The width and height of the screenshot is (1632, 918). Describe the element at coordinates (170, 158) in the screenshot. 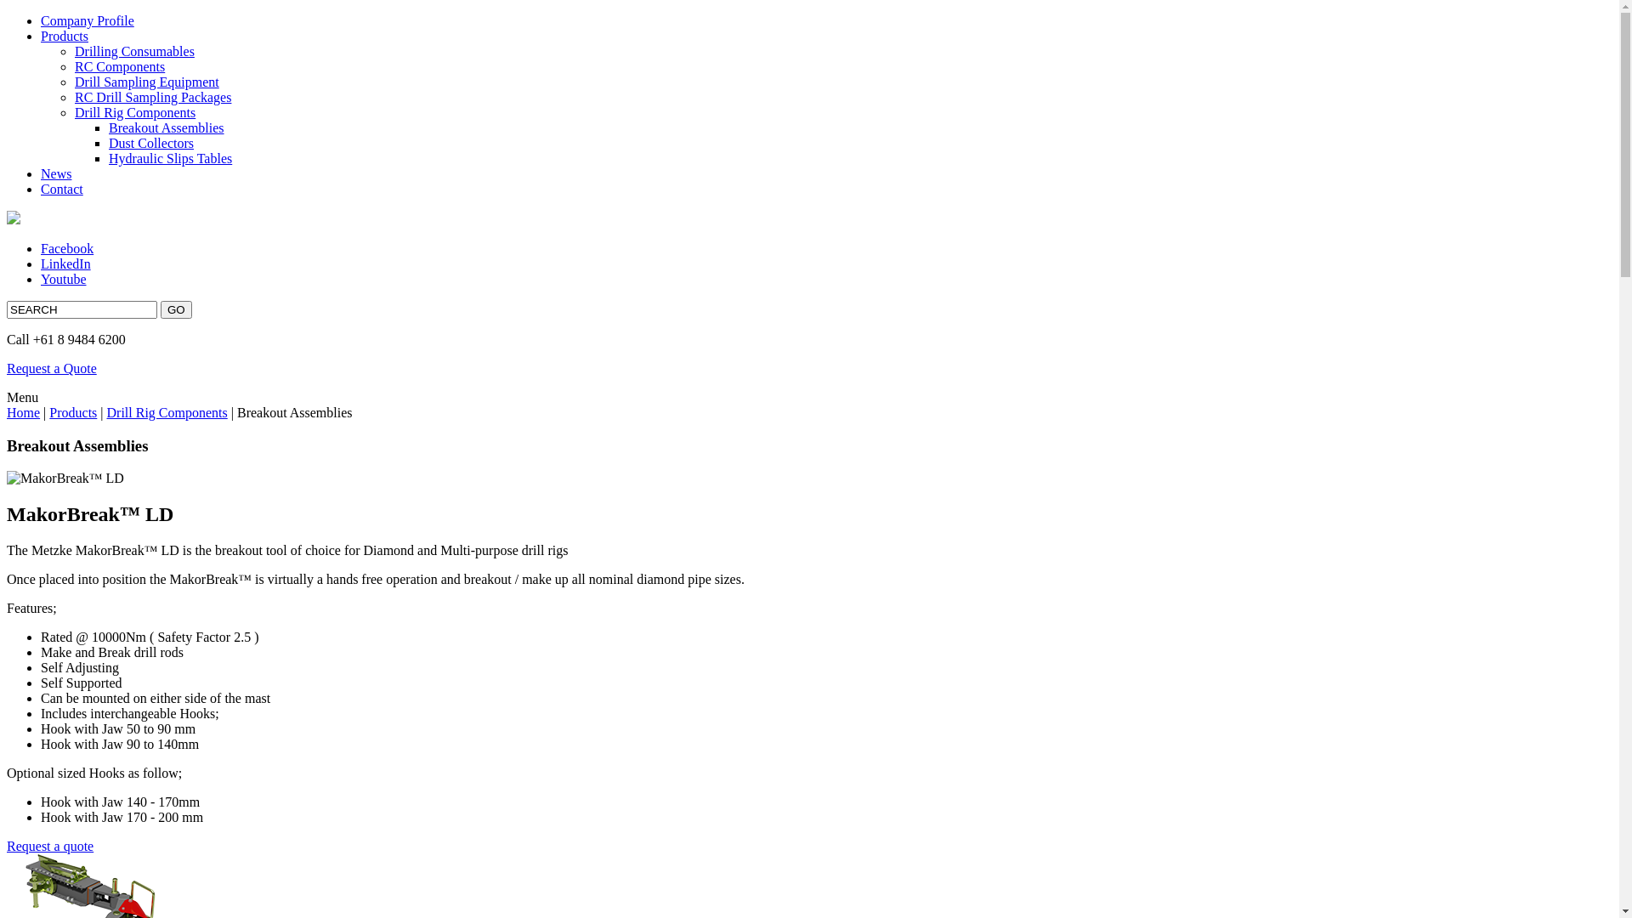

I see `'Hydraulic Slips Tables'` at that location.